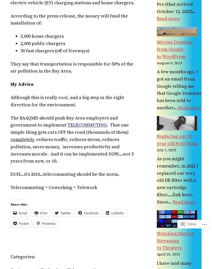 This screenshot has width=212, height=269. What do you see at coordinates (53, 187) in the screenshot?
I see `'Telecommuting = Coworking = Telework'` at bounding box center [53, 187].